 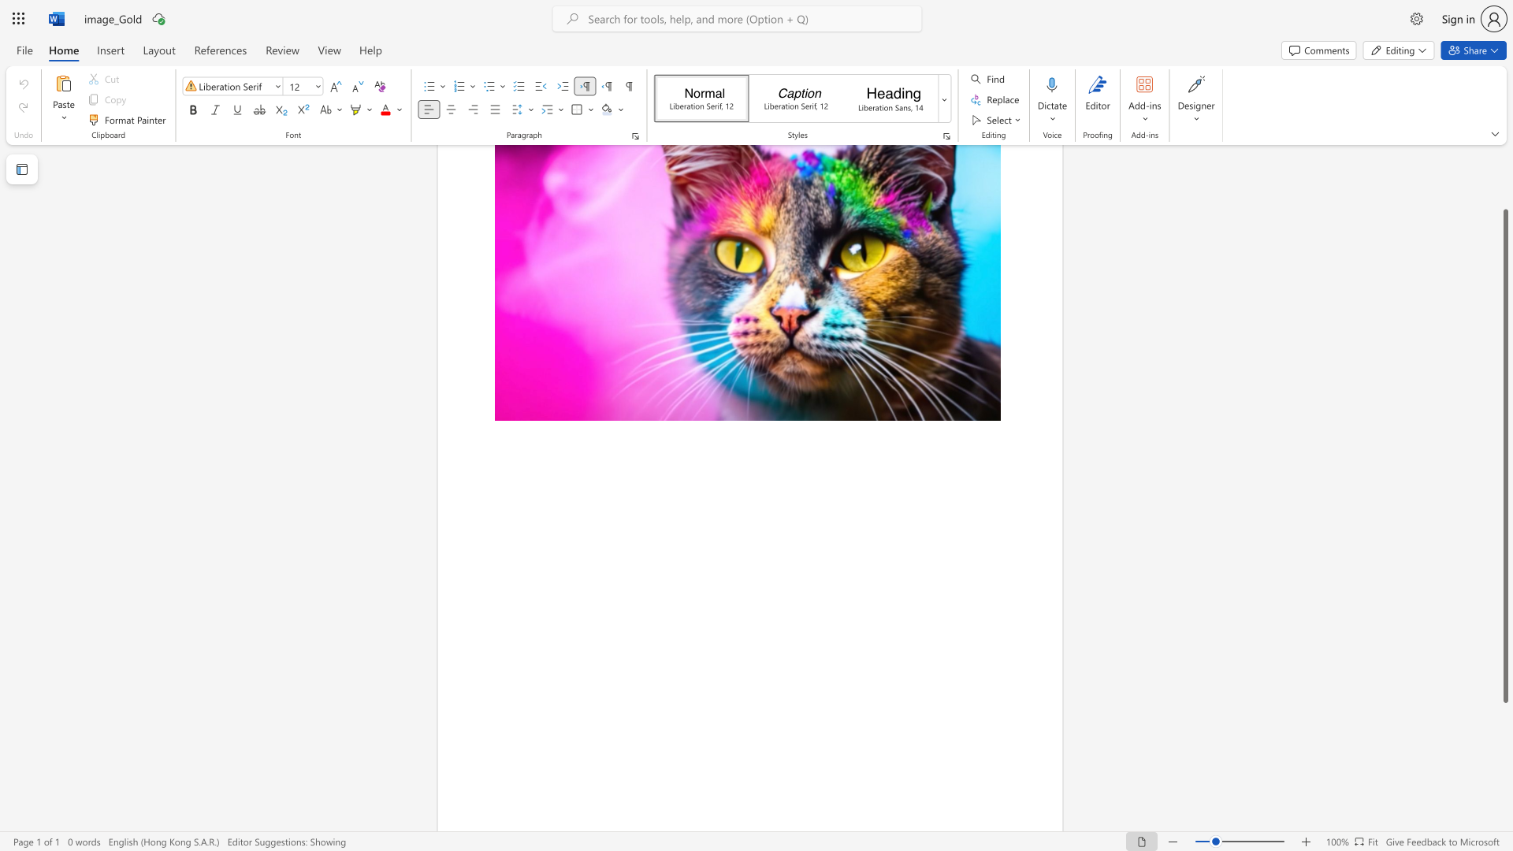 I want to click on the scrollbar and move up 70 pixels, so click(x=1504, y=455).